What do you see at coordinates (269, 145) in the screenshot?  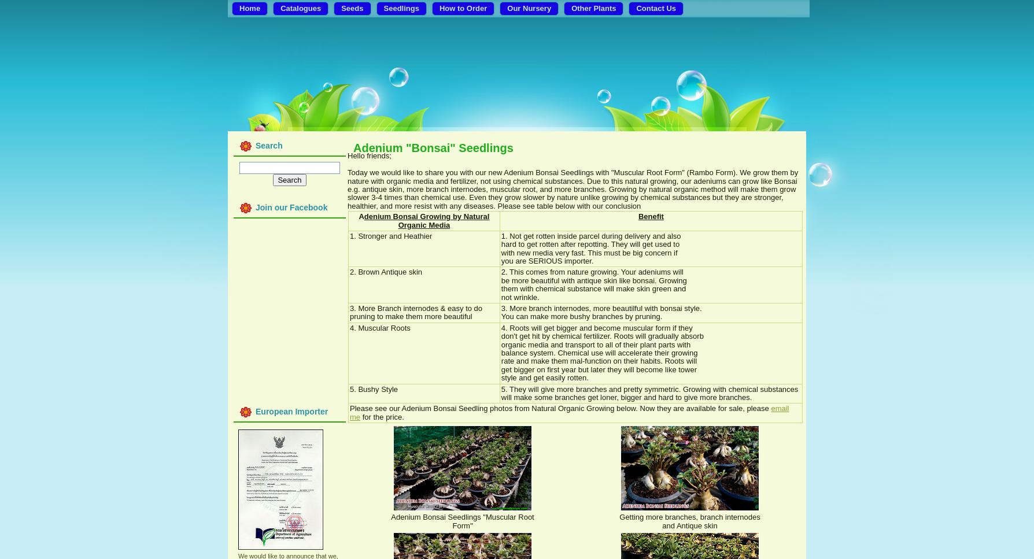 I see `'Search'` at bounding box center [269, 145].